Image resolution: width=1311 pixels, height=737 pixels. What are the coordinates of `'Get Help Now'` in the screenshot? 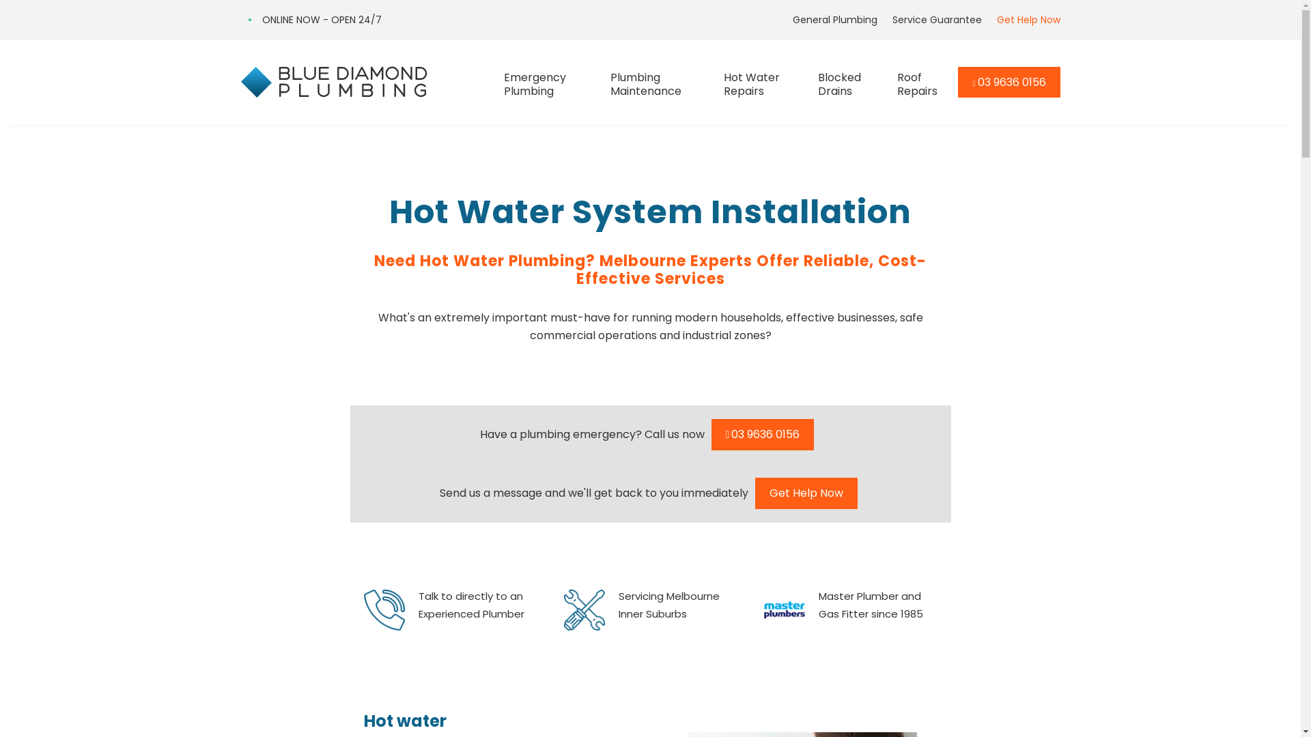 It's located at (1024, 20).